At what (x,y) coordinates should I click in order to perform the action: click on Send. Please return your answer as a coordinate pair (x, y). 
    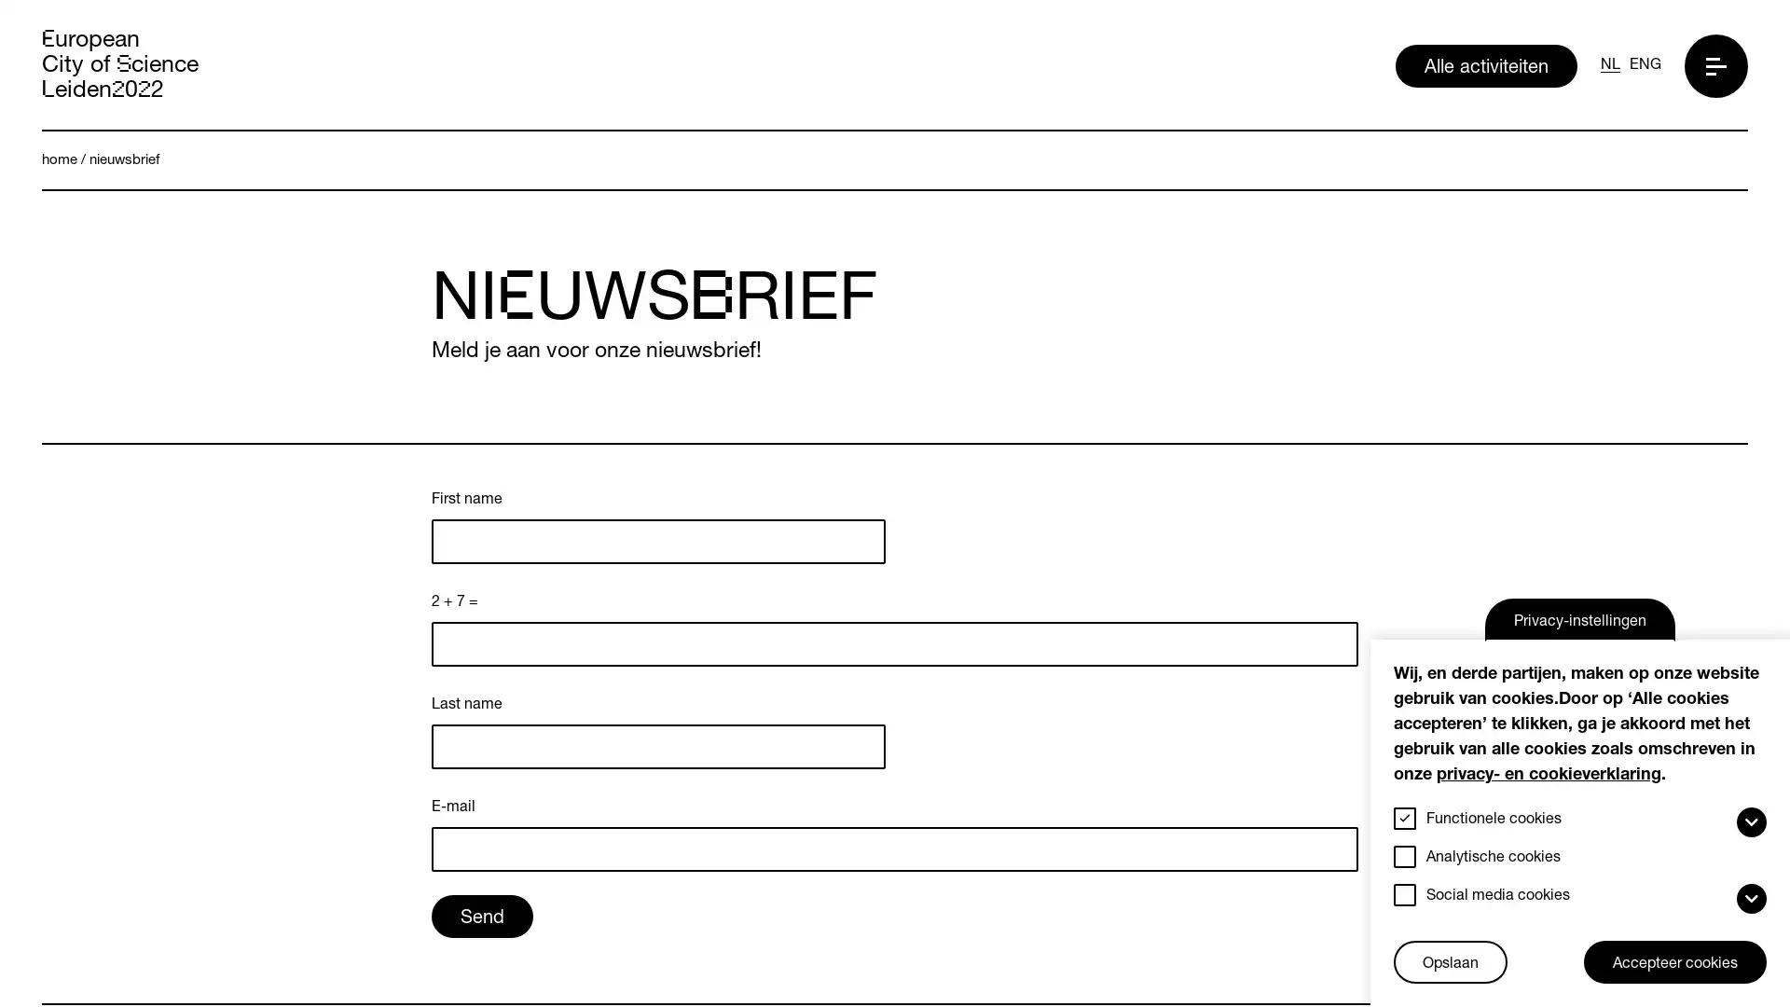
    Looking at the image, I should click on (482, 711).